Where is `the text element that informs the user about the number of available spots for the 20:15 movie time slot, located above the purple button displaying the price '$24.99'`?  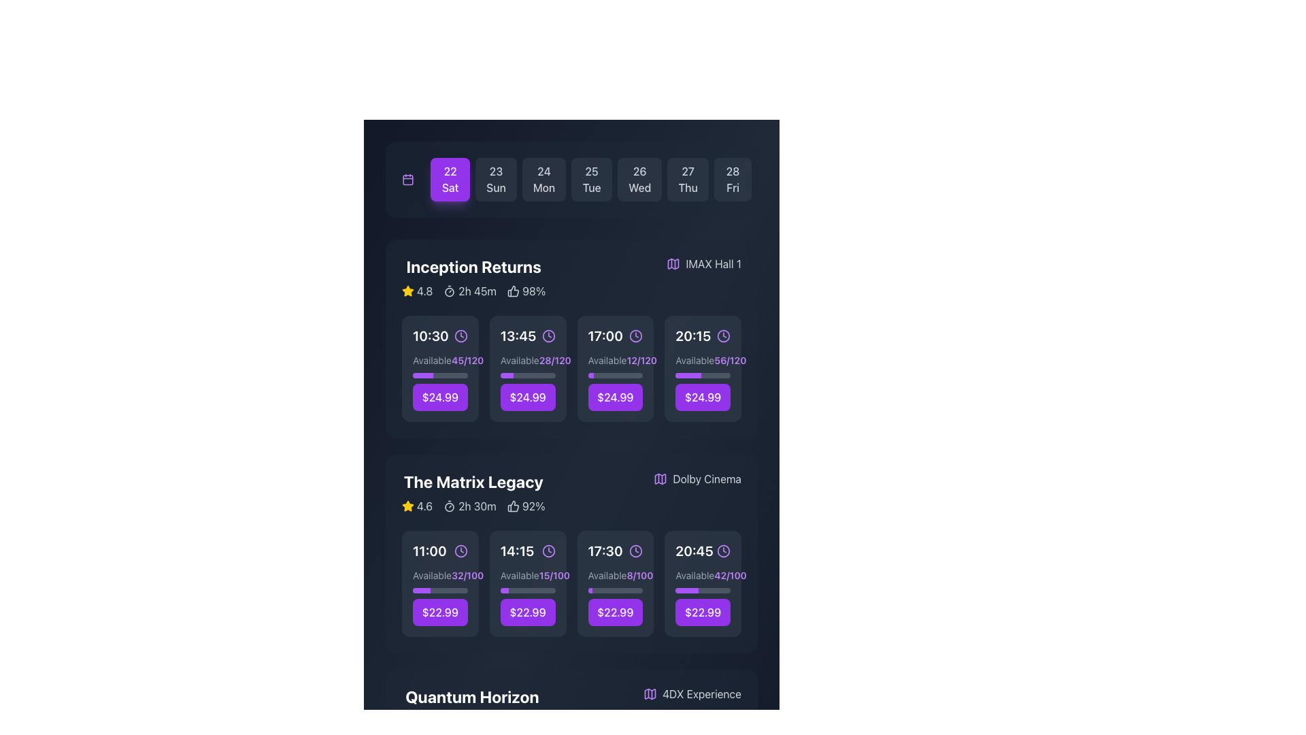 the text element that informs the user about the number of available spots for the 20:15 movie time slot, located above the purple button displaying the price '$24.99' is located at coordinates (729, 359).